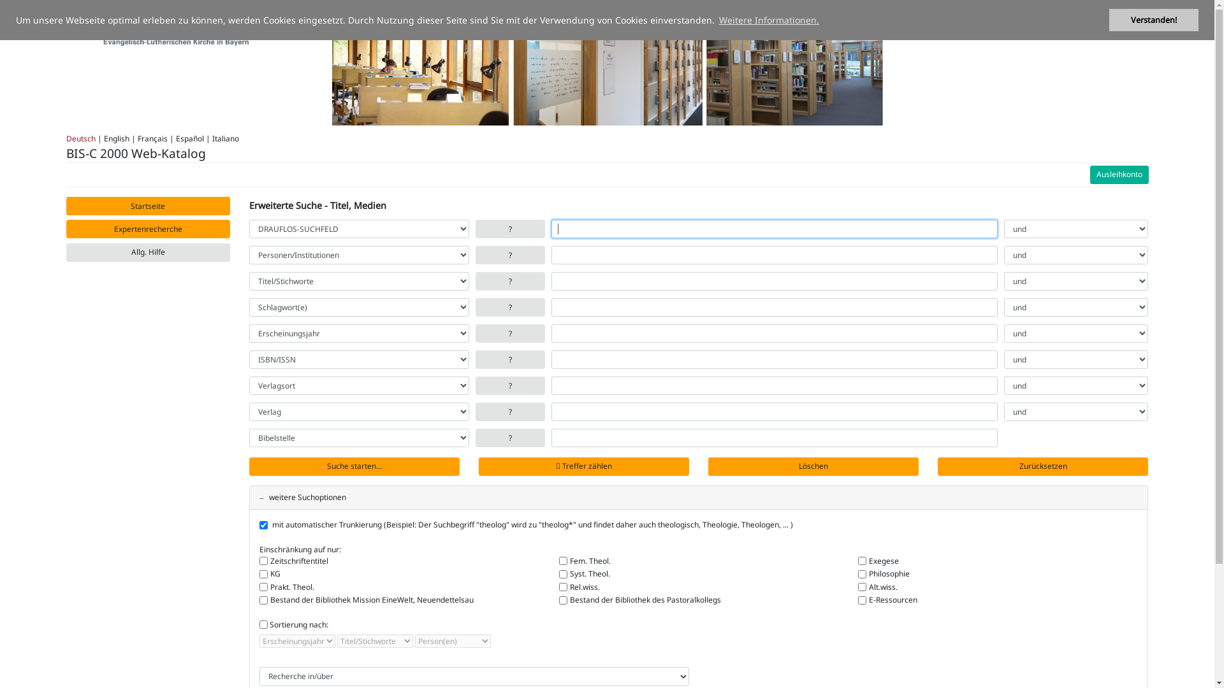 The image size is (1224, 688). I want to click on 'Allg. Hilfe', so click(149, 252).